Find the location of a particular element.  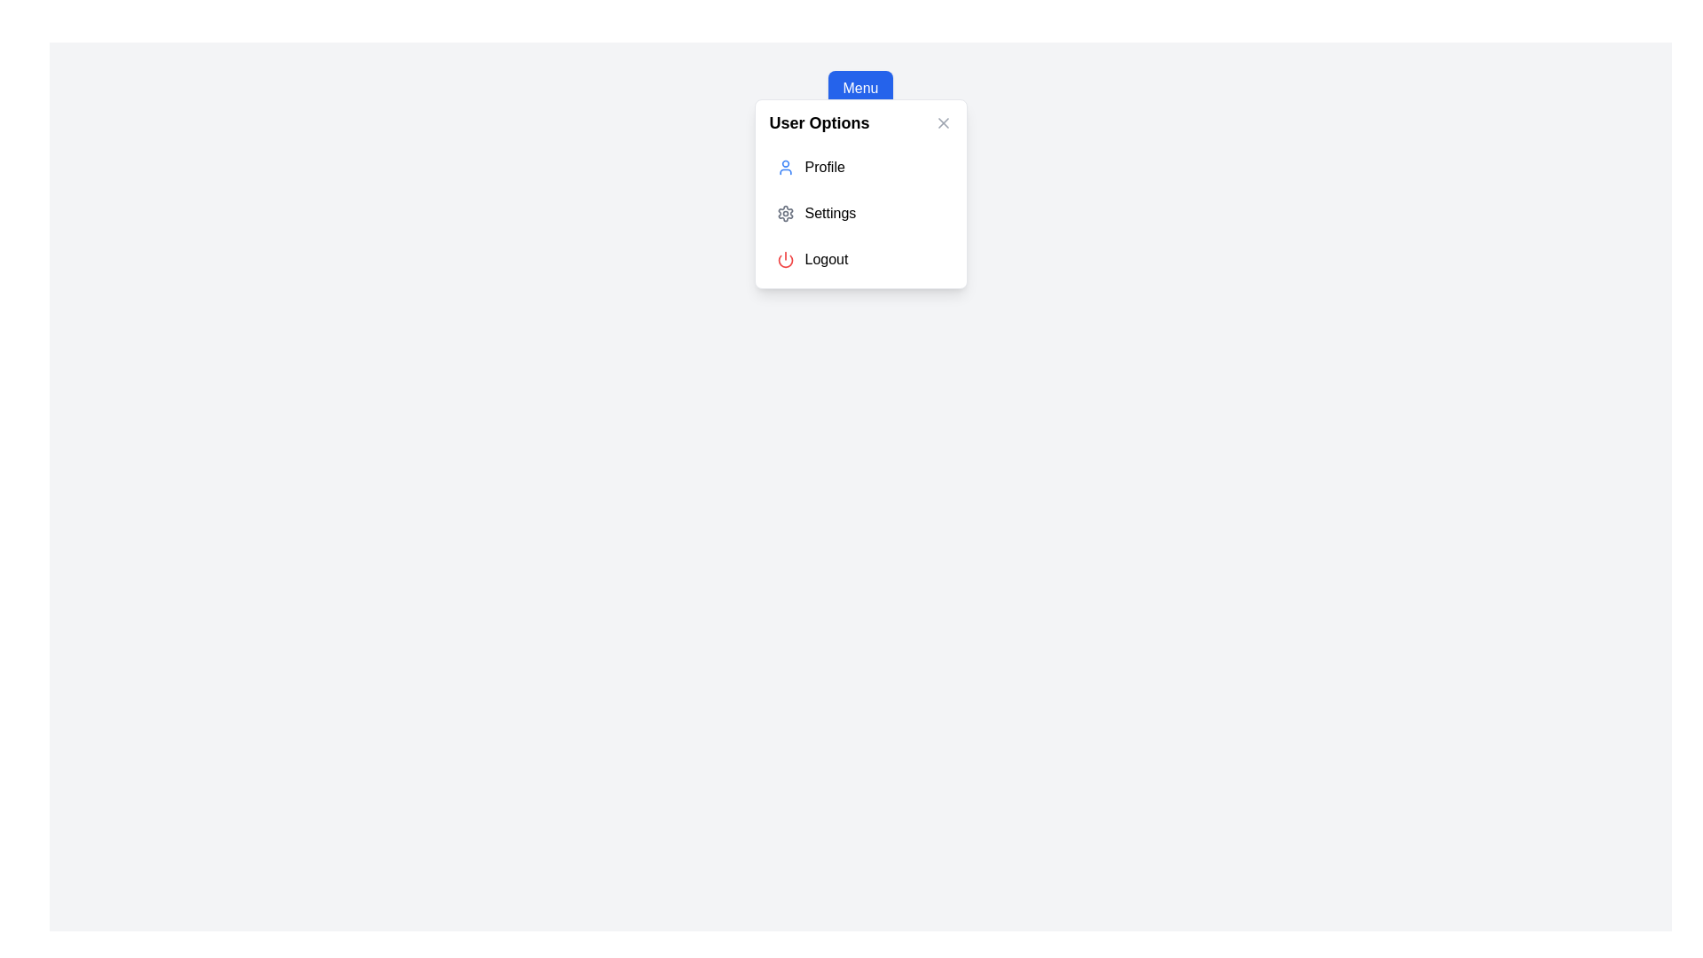

the power-off icon located inside the 'Logout' button, positioned to the left of the text 'Logout' is located at coordinates (784, 260).